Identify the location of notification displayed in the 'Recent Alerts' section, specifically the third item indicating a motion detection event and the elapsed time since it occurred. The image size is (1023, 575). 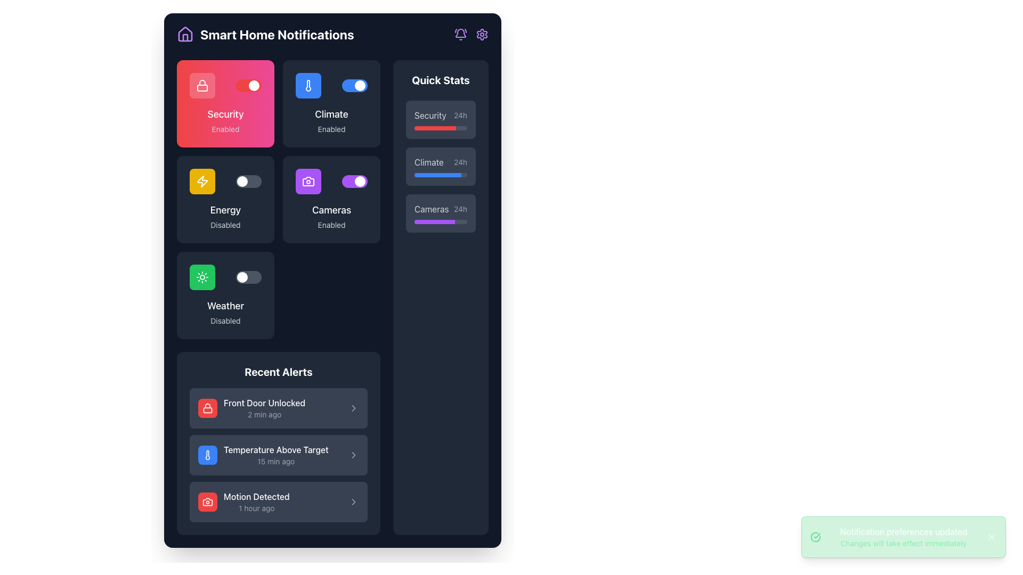
(256, 502).